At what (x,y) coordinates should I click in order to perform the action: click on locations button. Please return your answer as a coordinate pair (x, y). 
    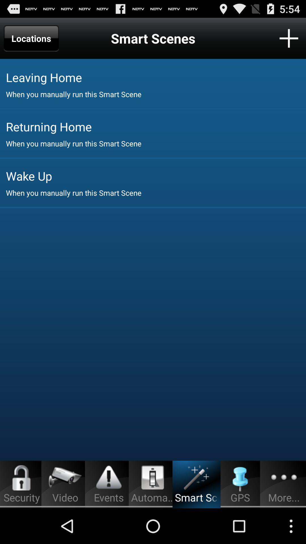
    Looking at the image, I should click on (31, 38).